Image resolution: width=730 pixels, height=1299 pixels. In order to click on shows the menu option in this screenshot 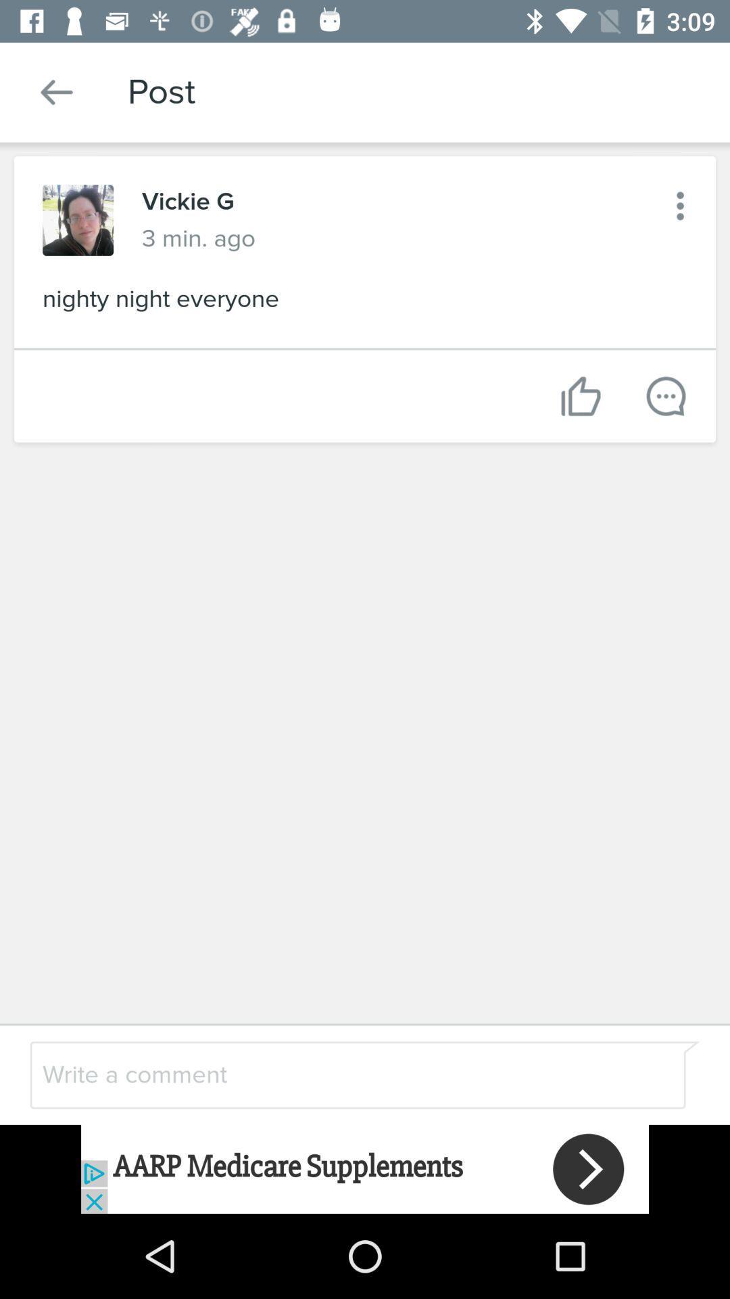, I will do `click(680, 205)`.